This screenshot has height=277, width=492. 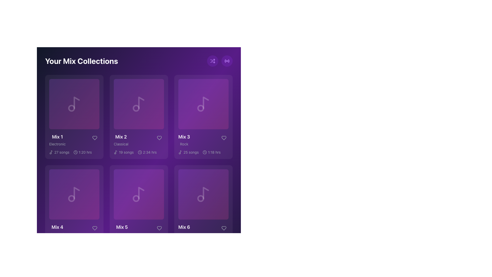 What do you see at coordinates (159, 137) in the screenshot?
I see `the heart-shaped icon outlined in gray located in the second card of the 'Your Mix Collections' grid` at bounding box center [159, 137].